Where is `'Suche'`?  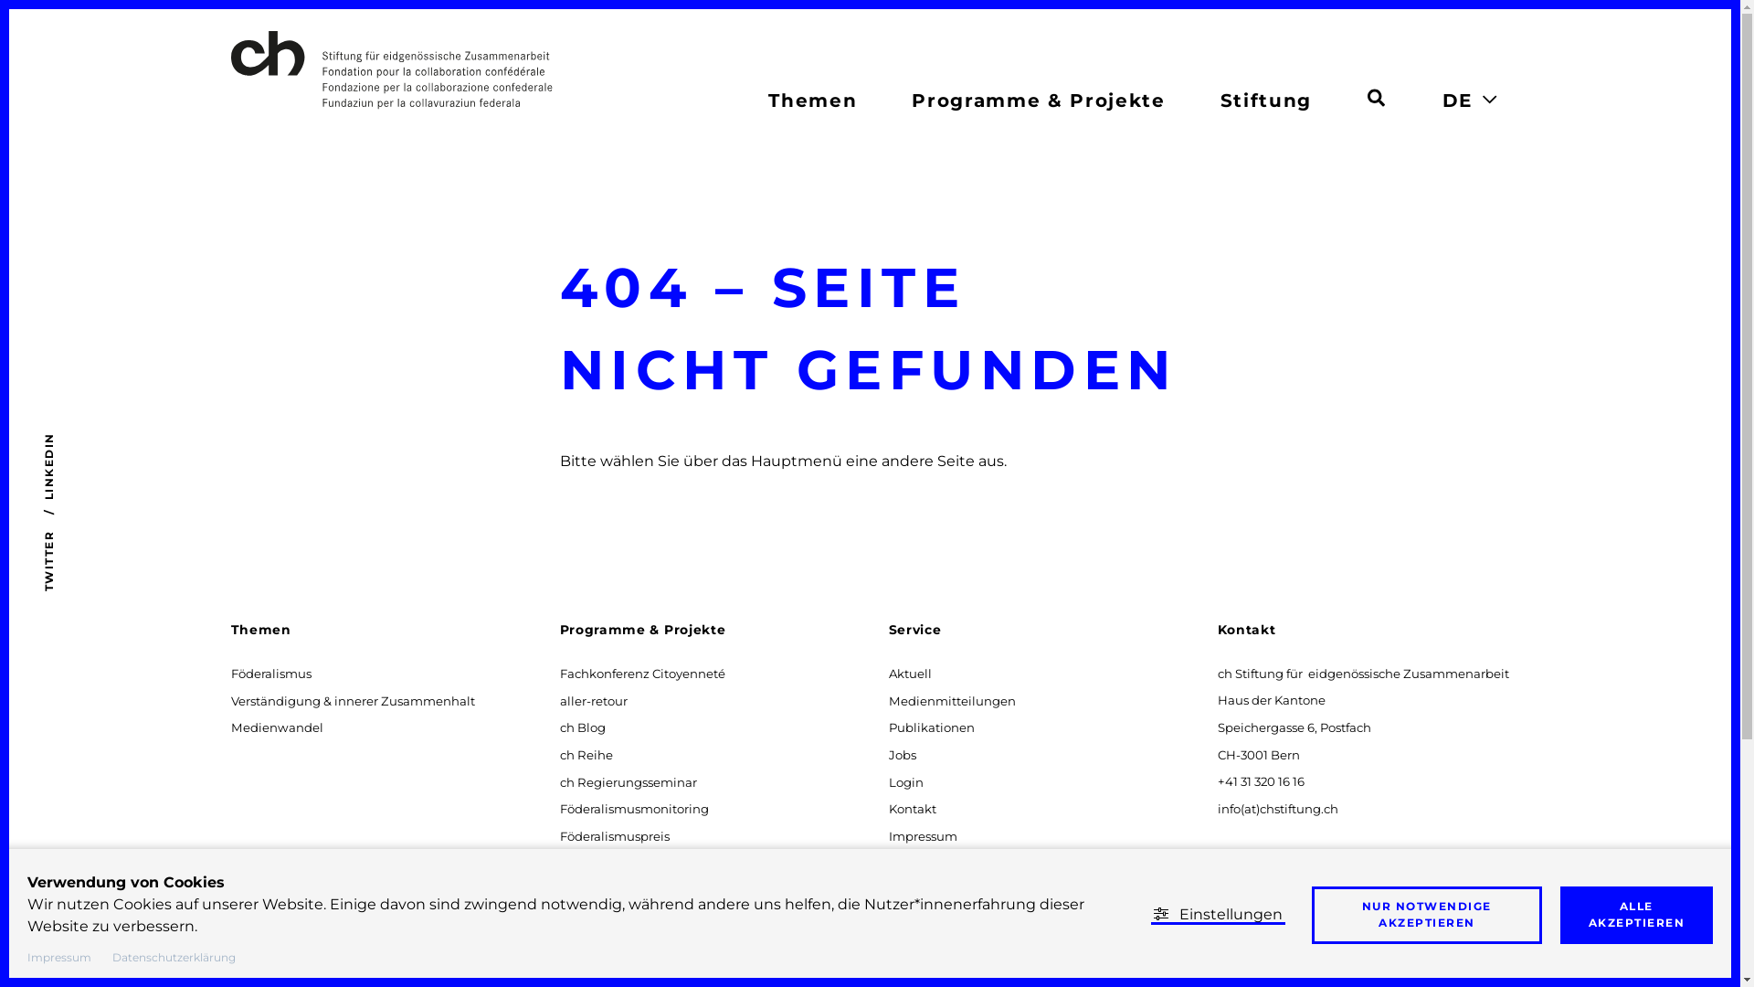 'Suche' is located at coordinates (1368, 98).